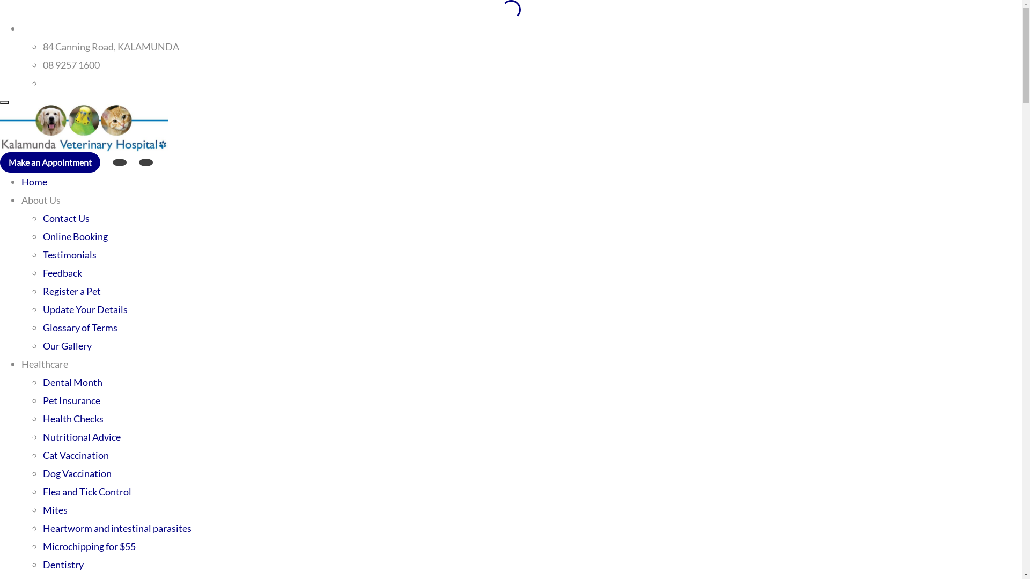 The image size is (1030, 579). What do you see at coordinates (21, 181) in the screenshot?
I see `'Home'` at bounding box center [21, 181].